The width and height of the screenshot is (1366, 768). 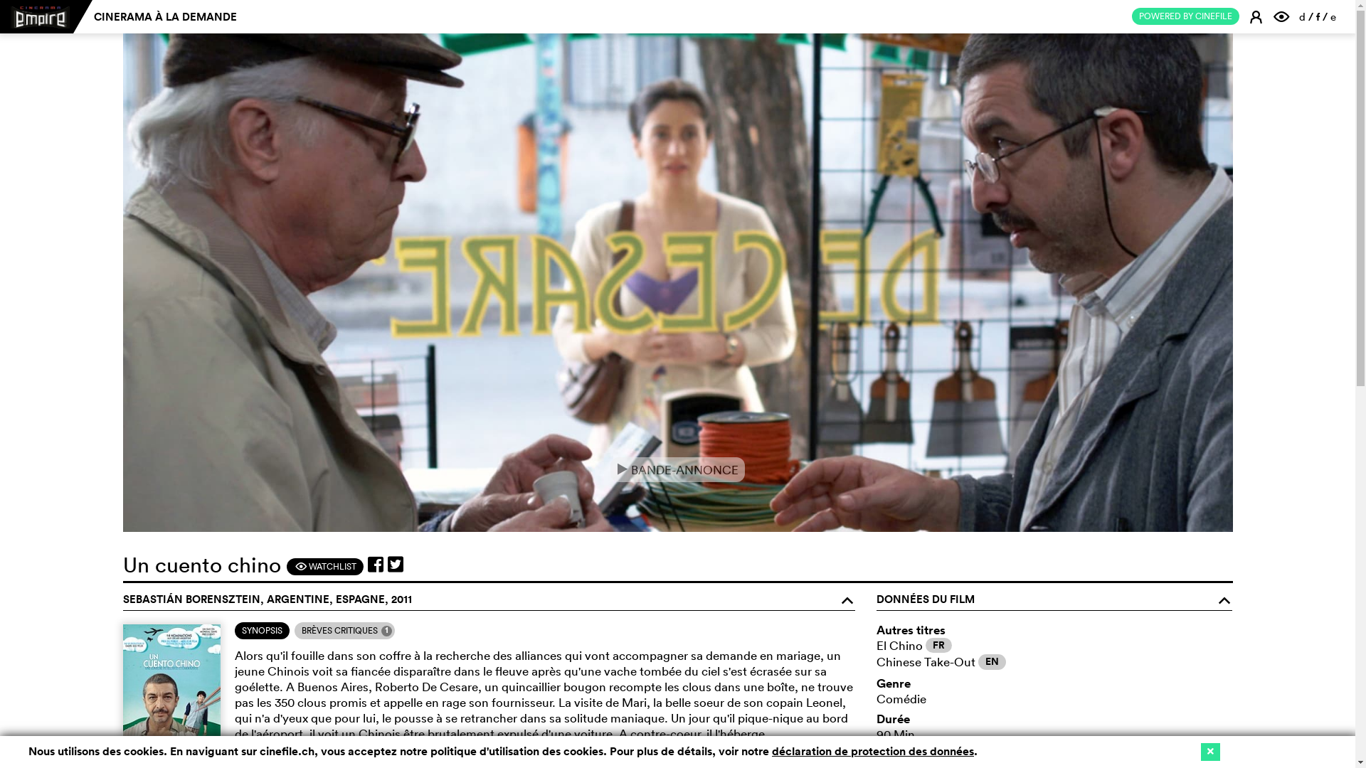 I want to click on 'E', so click(x=1257, y=16).